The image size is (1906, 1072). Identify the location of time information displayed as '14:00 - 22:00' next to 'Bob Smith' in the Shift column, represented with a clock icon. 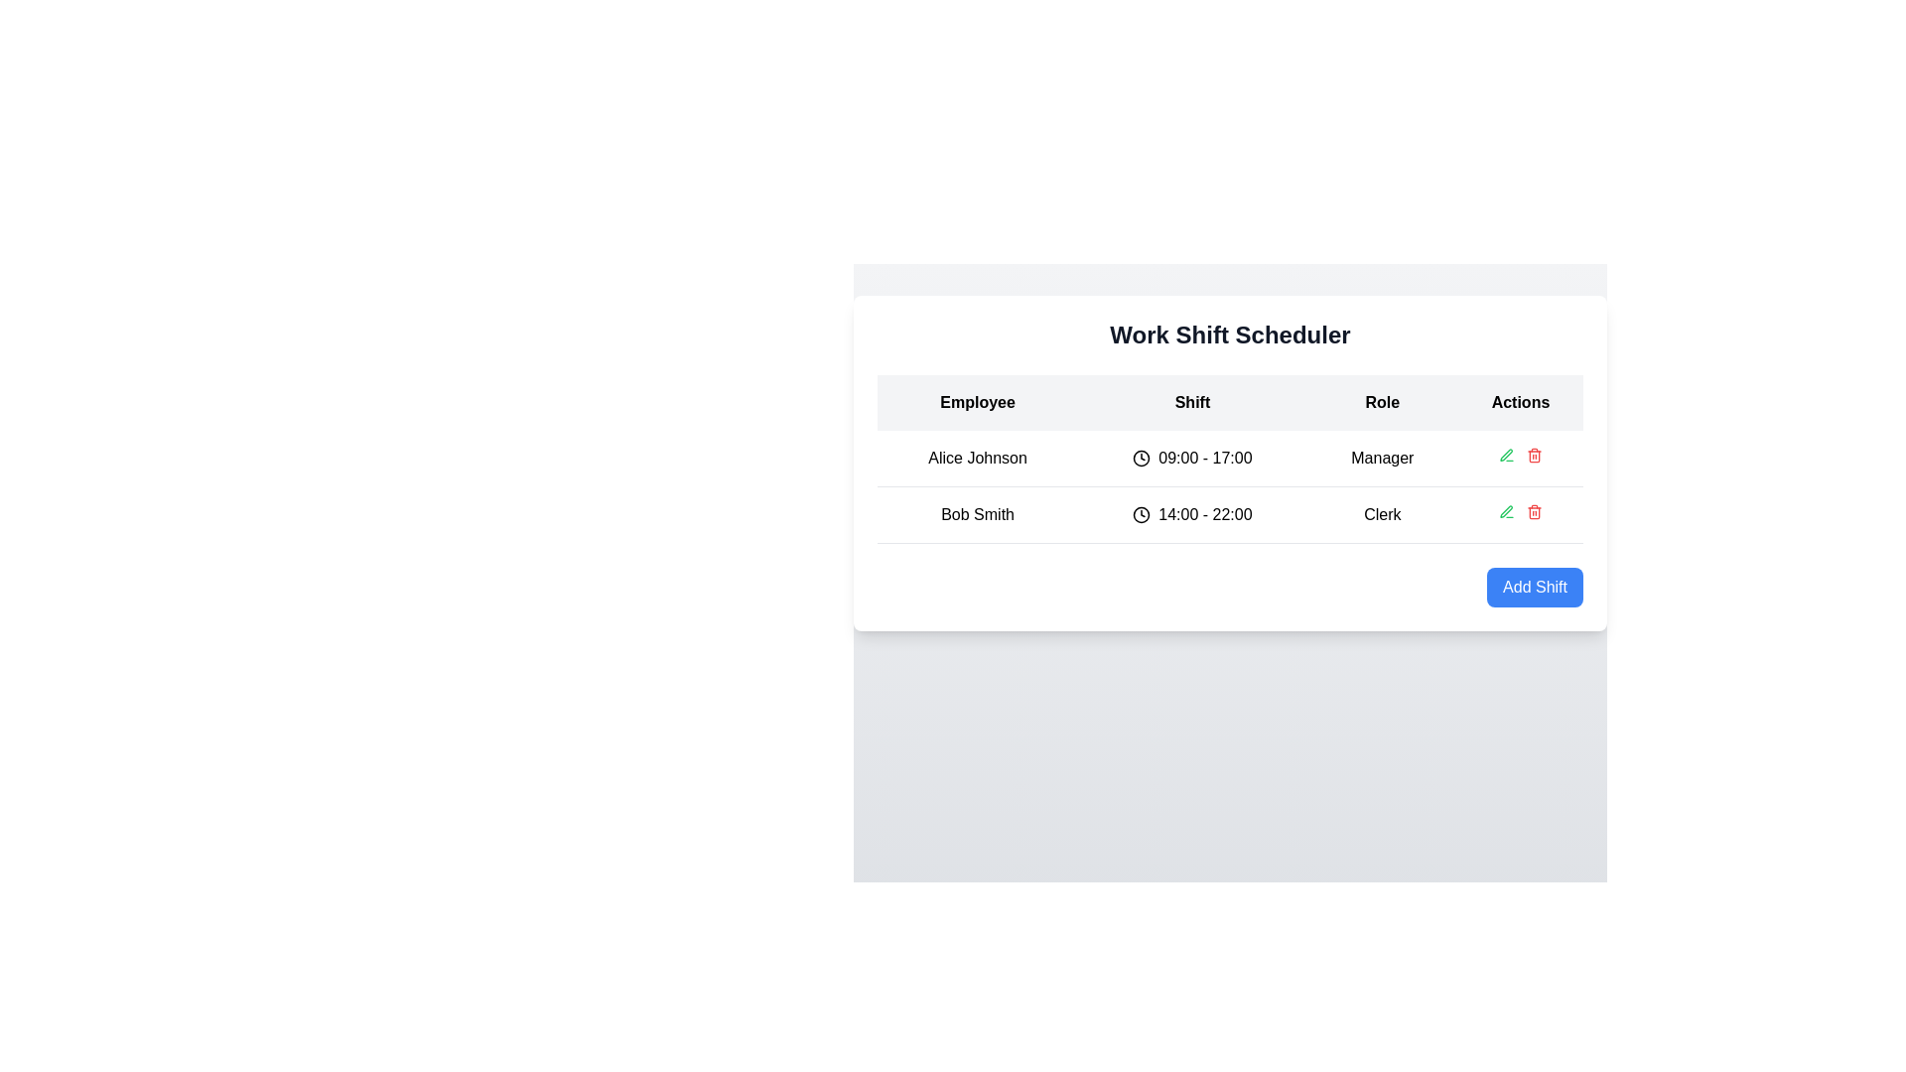
(1191, 514).